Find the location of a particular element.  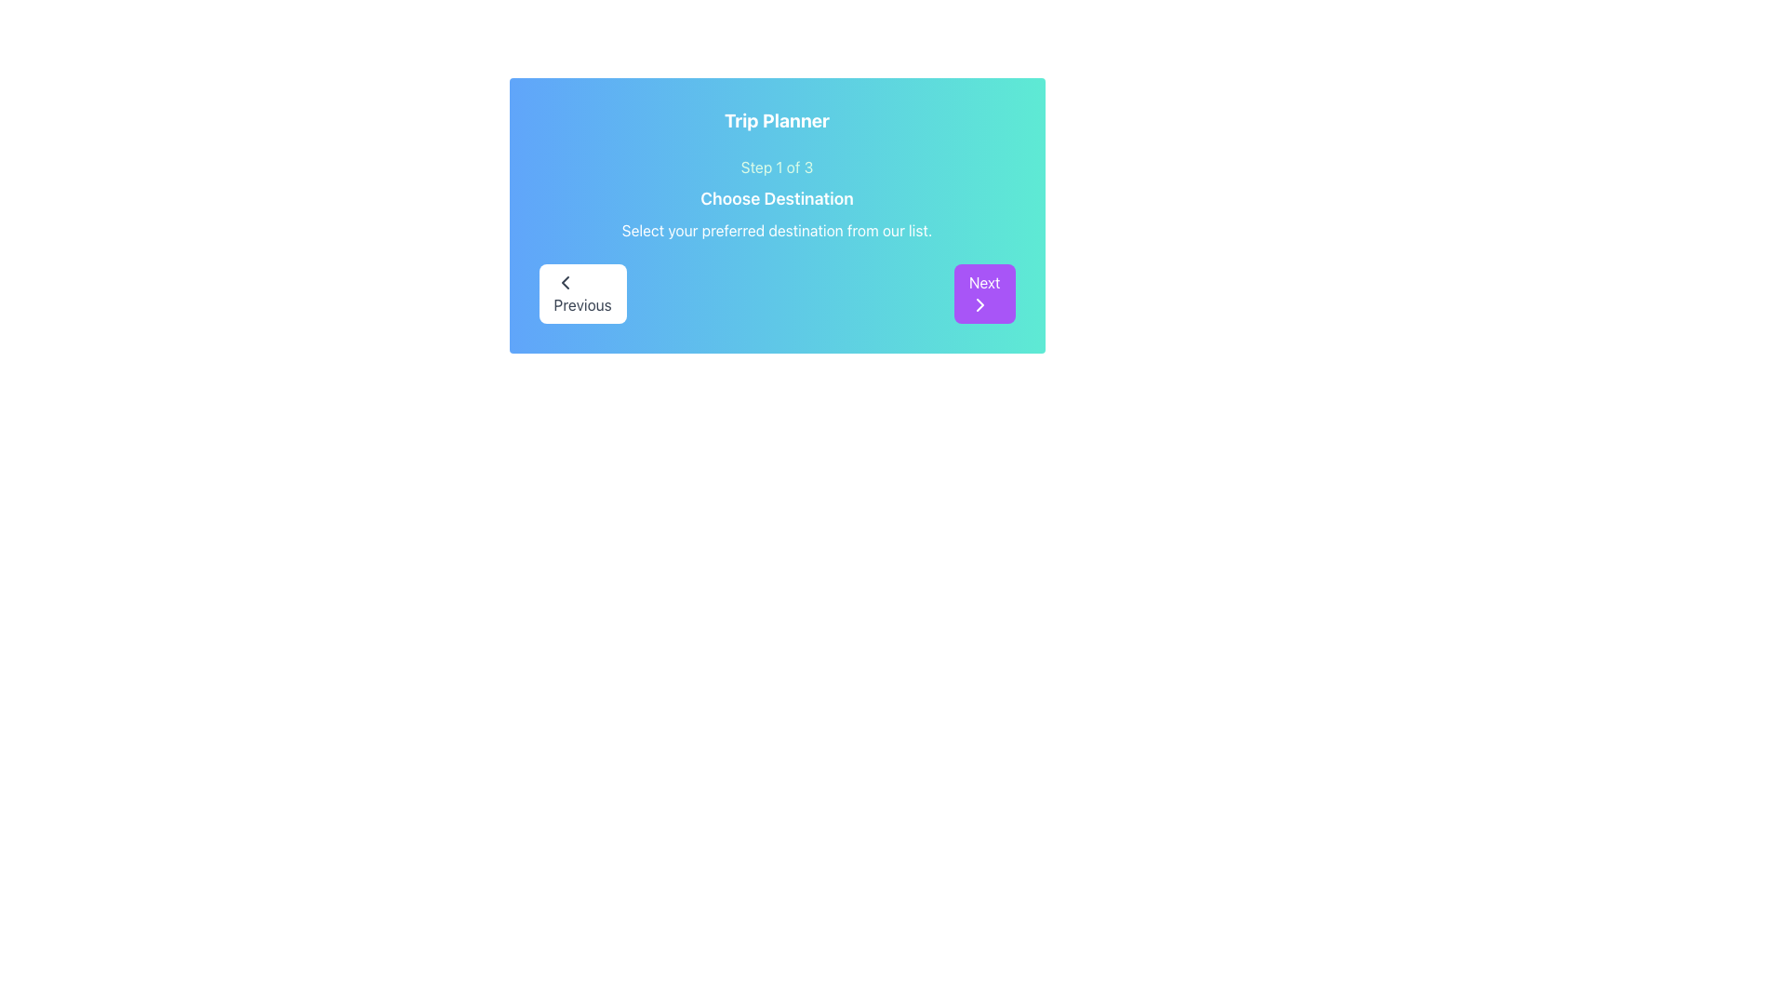

the textual display component that provides information about the current step in the Trip Planner process, located centrally within a card-like panel below the title and above navigation controls is located at coordinates (777, 198).